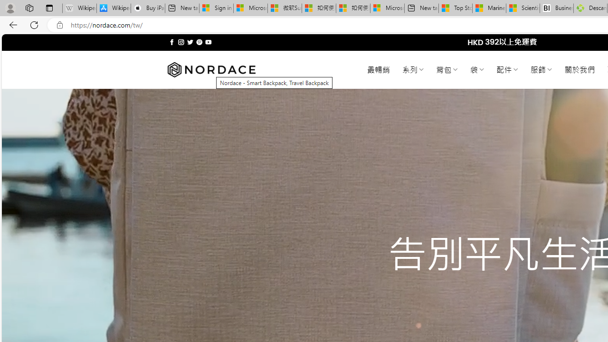 The image size is (608, 342). Describe the element at coordinates (208, 42) in the screenshot. I see `'Follow on YouTube'` at that location.